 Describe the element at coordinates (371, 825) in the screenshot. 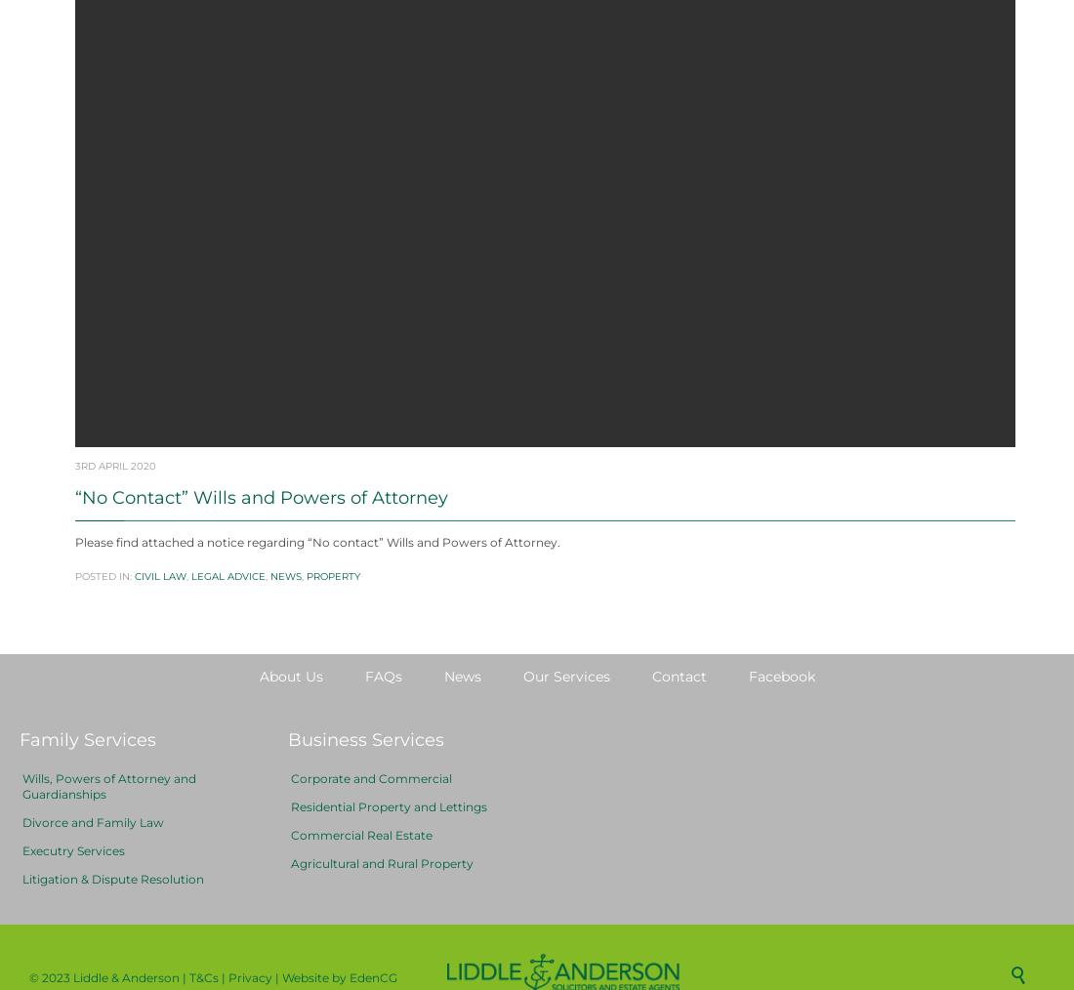

I see `'Corporate and Commercial'` at that location.